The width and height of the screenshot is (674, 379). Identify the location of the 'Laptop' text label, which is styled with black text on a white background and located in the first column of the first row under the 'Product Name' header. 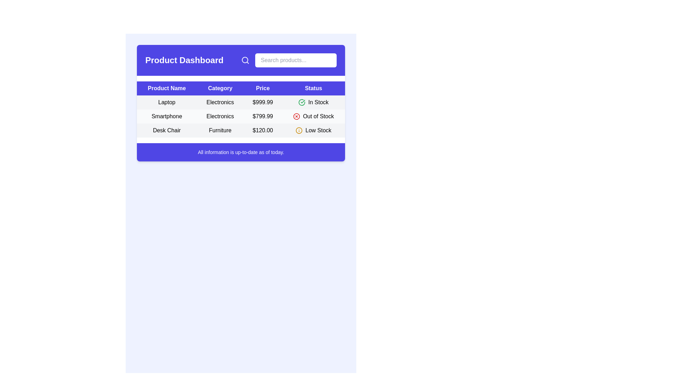
(166, 102).